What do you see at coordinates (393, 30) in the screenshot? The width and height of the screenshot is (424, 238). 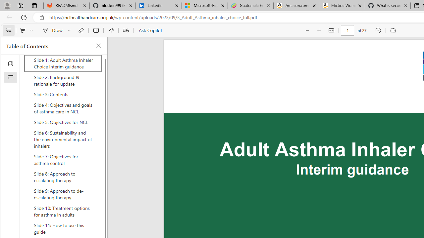 I see `'Page view'` at bounding box center [393, 30].